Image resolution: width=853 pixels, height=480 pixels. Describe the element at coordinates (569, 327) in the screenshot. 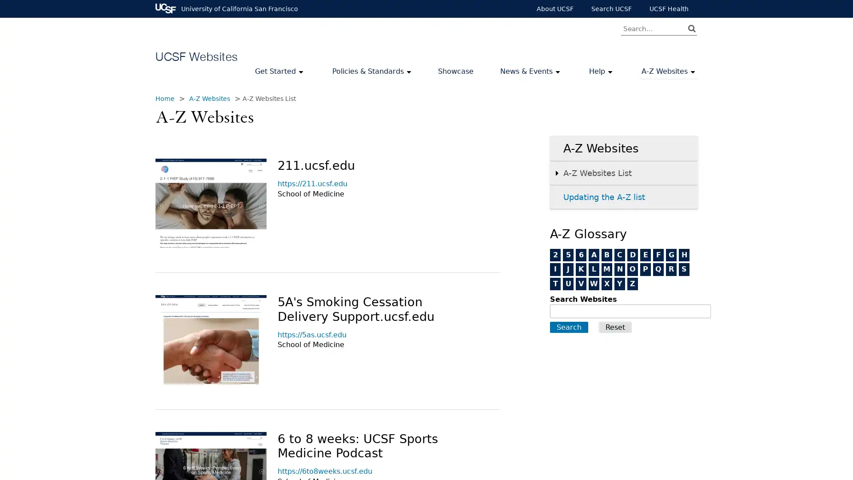

I see `Search` at that location.